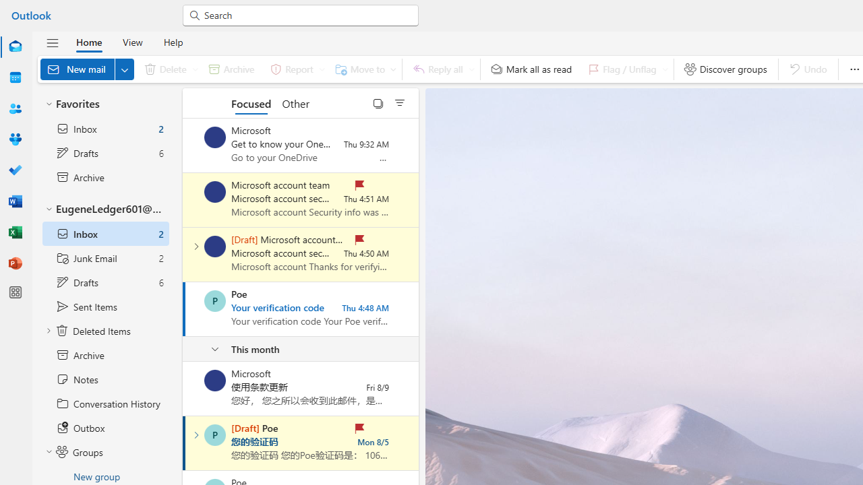  I want to click on 'Mail', so click(16, 46).